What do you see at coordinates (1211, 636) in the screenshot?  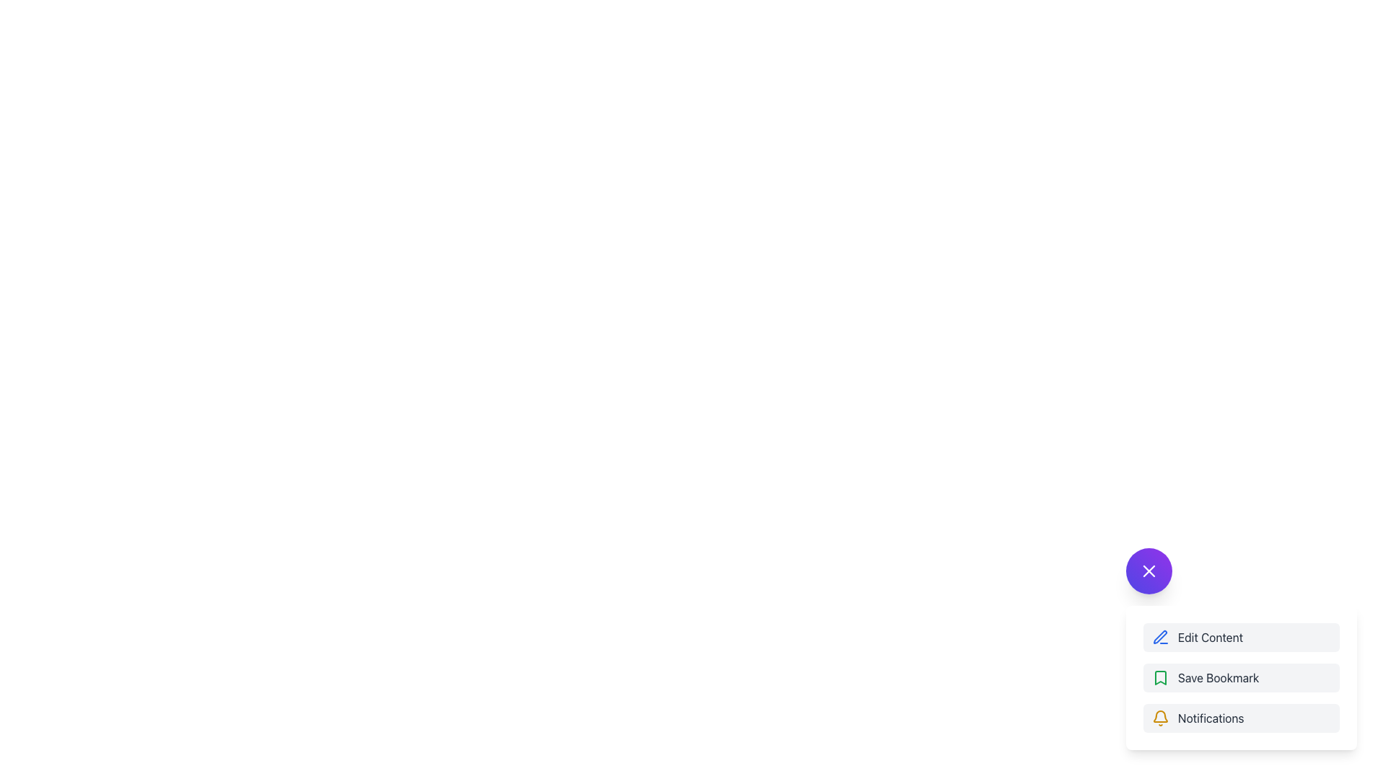 I see `text content of the Text Label located to the right of the pen icon in the first row of the vertical menu stack at the bottom-right corner of the application` at bounding box center [1211, 636].